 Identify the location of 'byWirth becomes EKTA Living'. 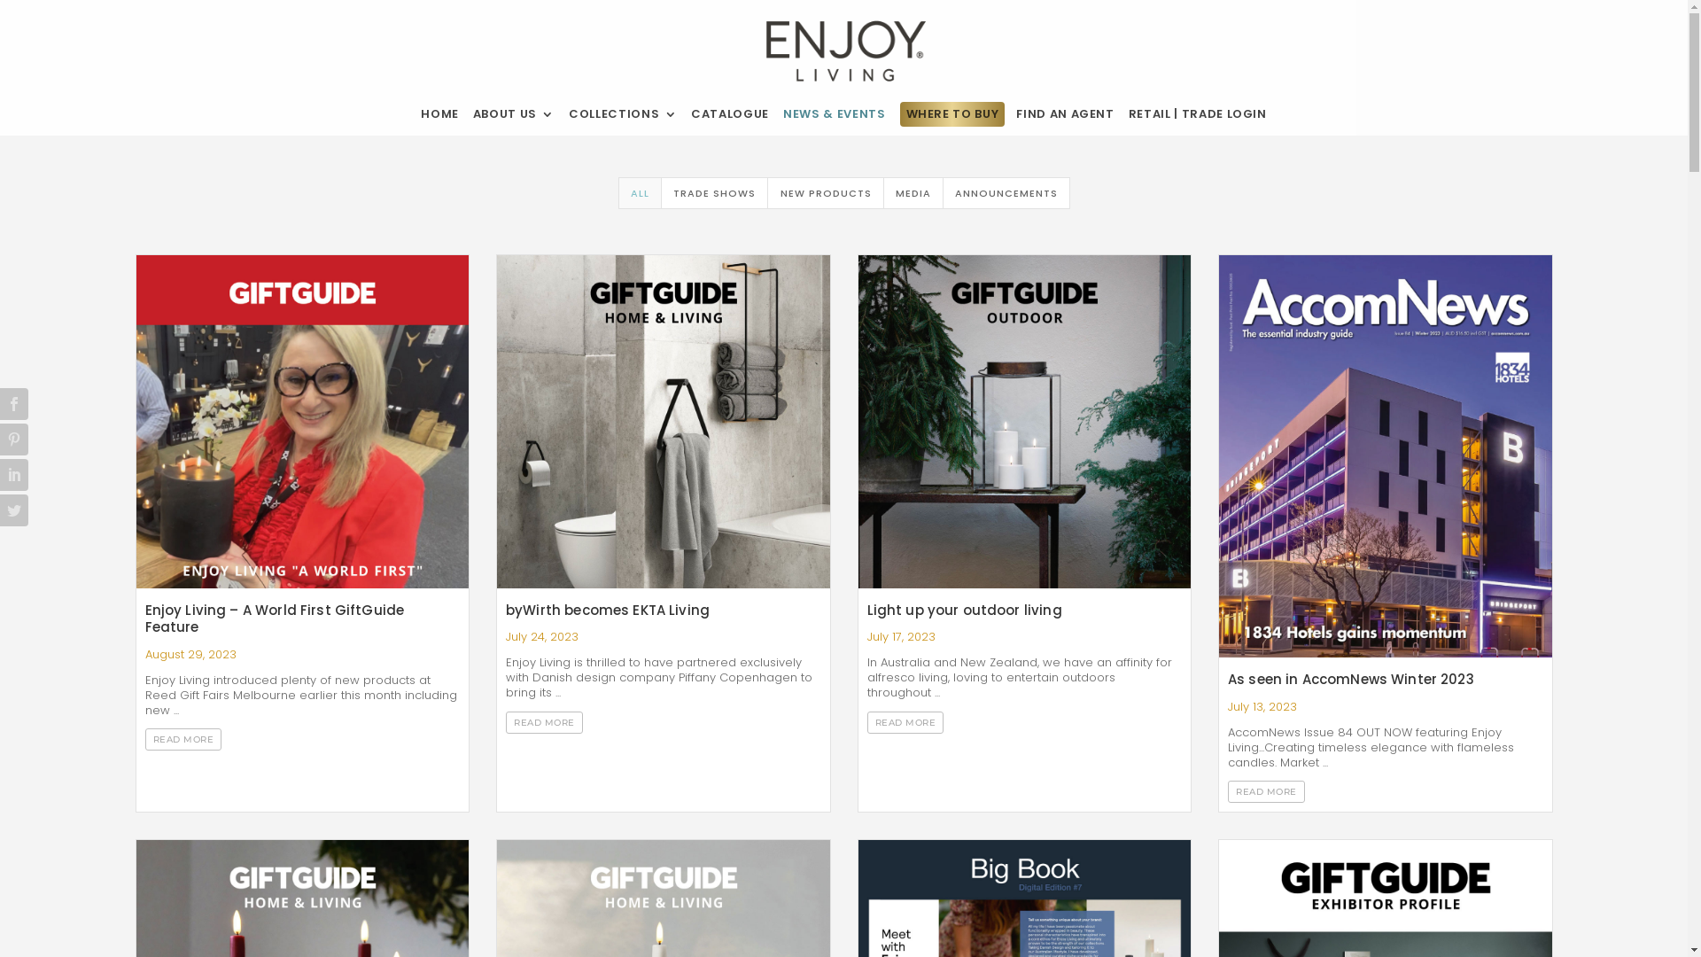
(608, 609).